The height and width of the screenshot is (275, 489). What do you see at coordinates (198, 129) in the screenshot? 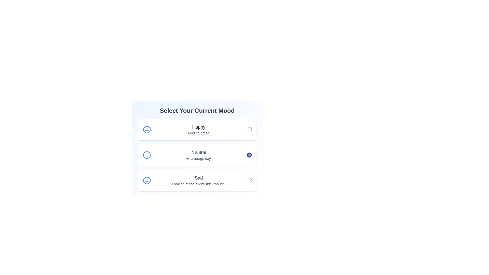
I see `text of the Label element that displays 'Happy' and 'Feeling great!' to understand the mood description` at bounding box center [198, 129].